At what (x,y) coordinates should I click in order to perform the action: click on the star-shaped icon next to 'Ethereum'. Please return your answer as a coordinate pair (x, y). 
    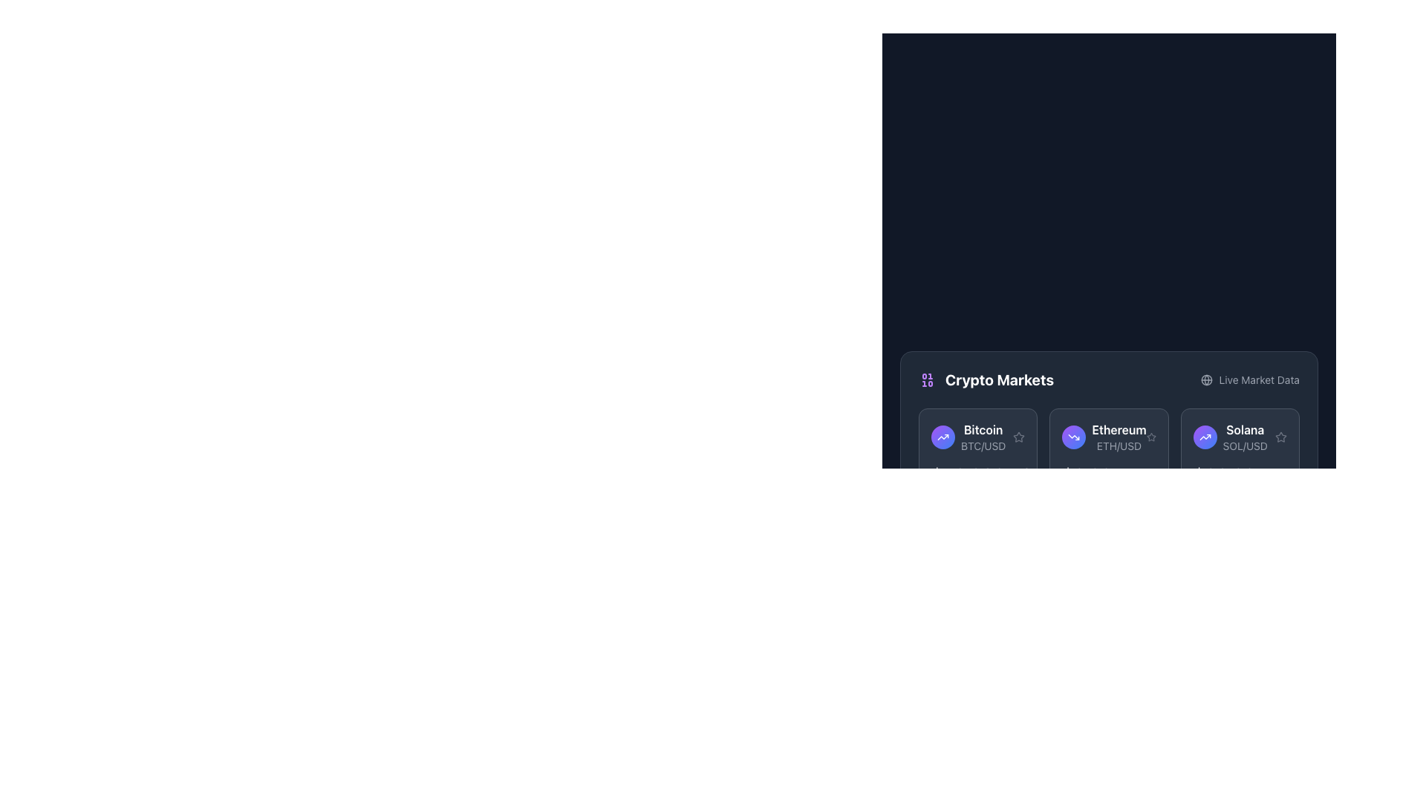
    Looking at the image, I should click on (1150, 435).